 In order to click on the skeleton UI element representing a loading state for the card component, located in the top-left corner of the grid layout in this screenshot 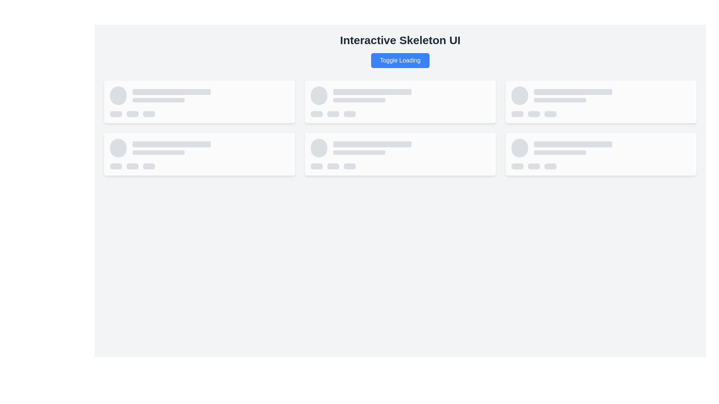, I will do `click(199, 102)`.